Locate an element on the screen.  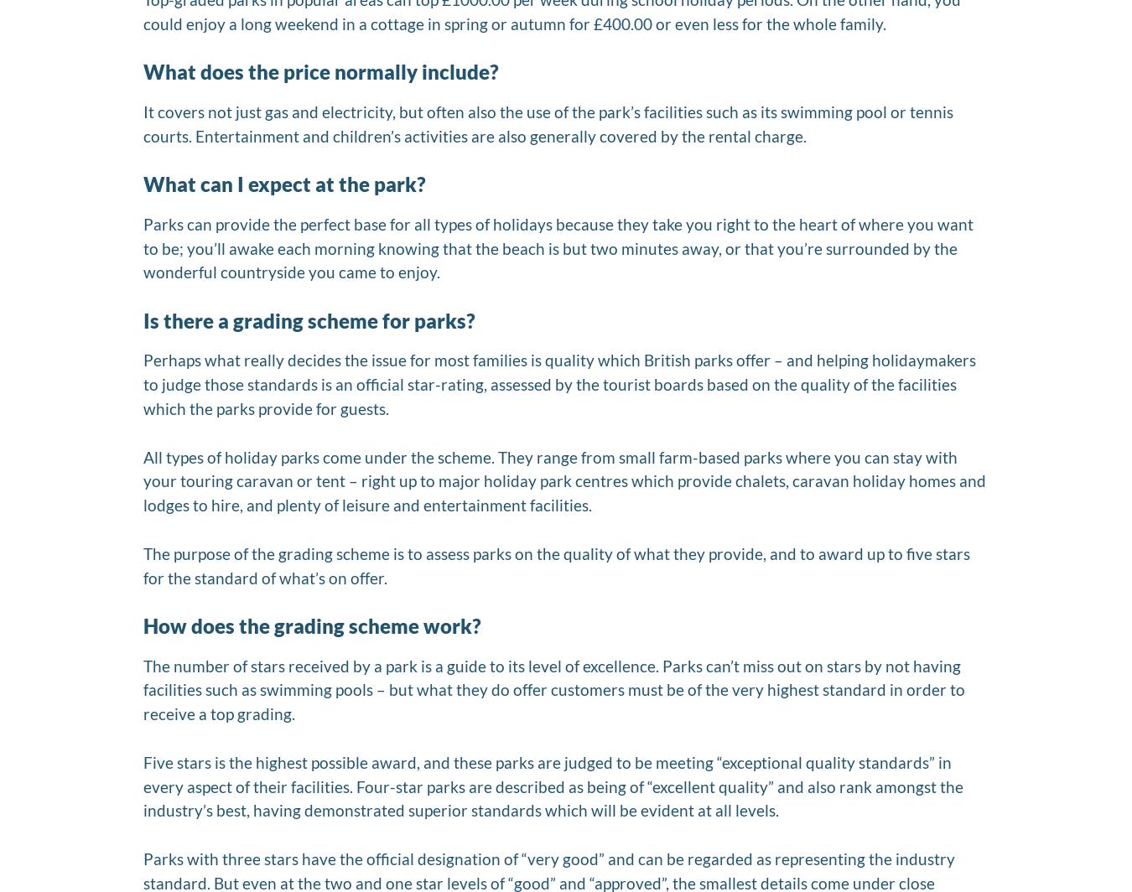
'Parks can provide the perfect base for all types of holidays because they take you right to the heart of where you want to be; you’ll awake each morning knowing that the beach is but two minutes away, or that you’re surrounded by the wonderful countryside you came to enjoy.' is located at coordinates (558, 247).